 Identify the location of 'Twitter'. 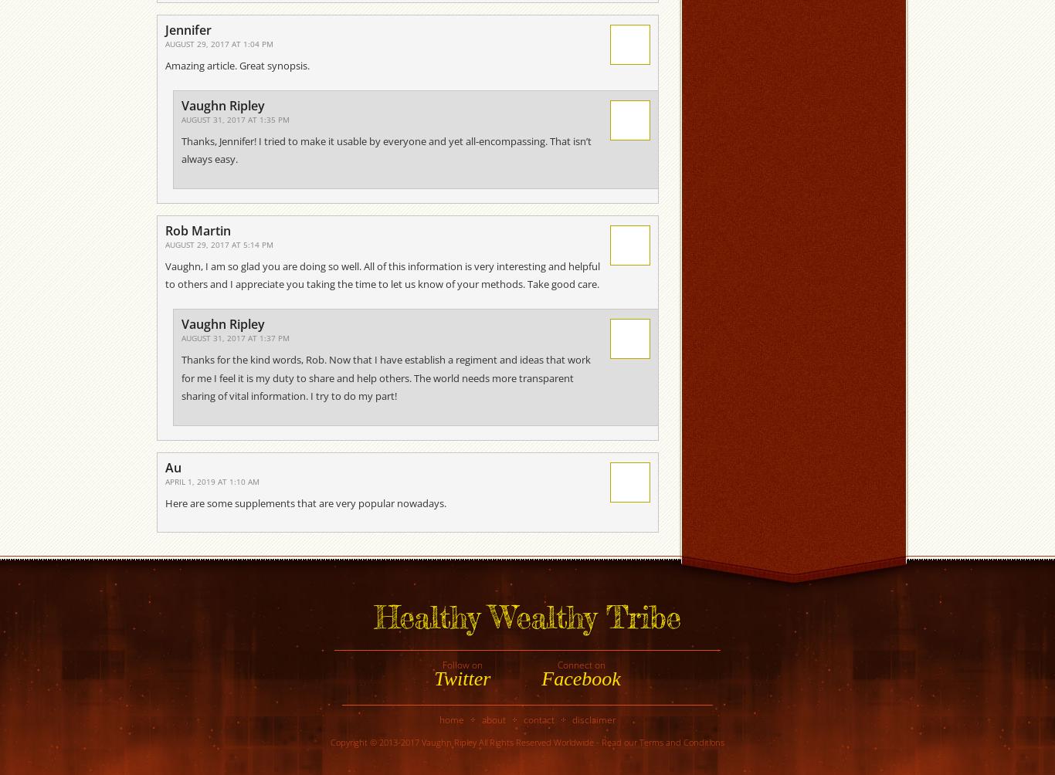
(433, 678).